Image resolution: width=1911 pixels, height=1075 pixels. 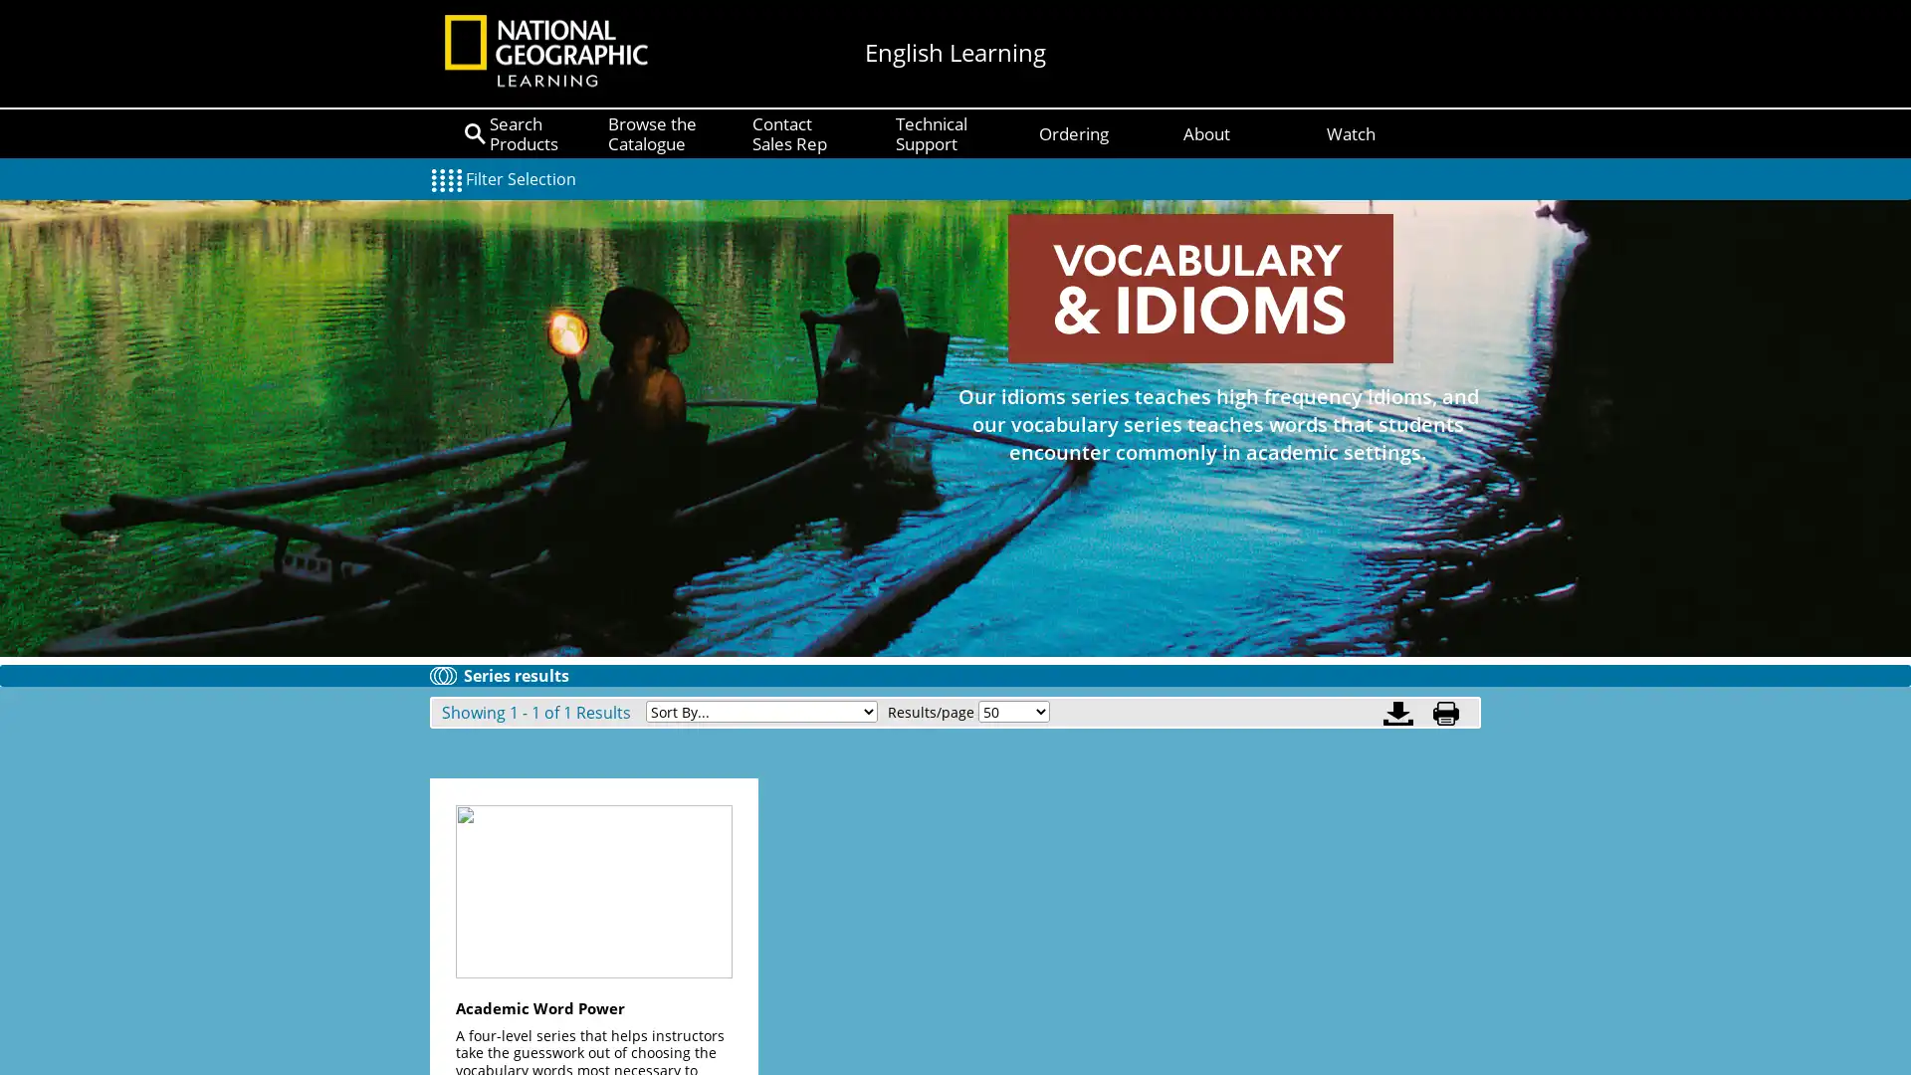 I want to click on Filter Selection, so click(x=504, y=179).